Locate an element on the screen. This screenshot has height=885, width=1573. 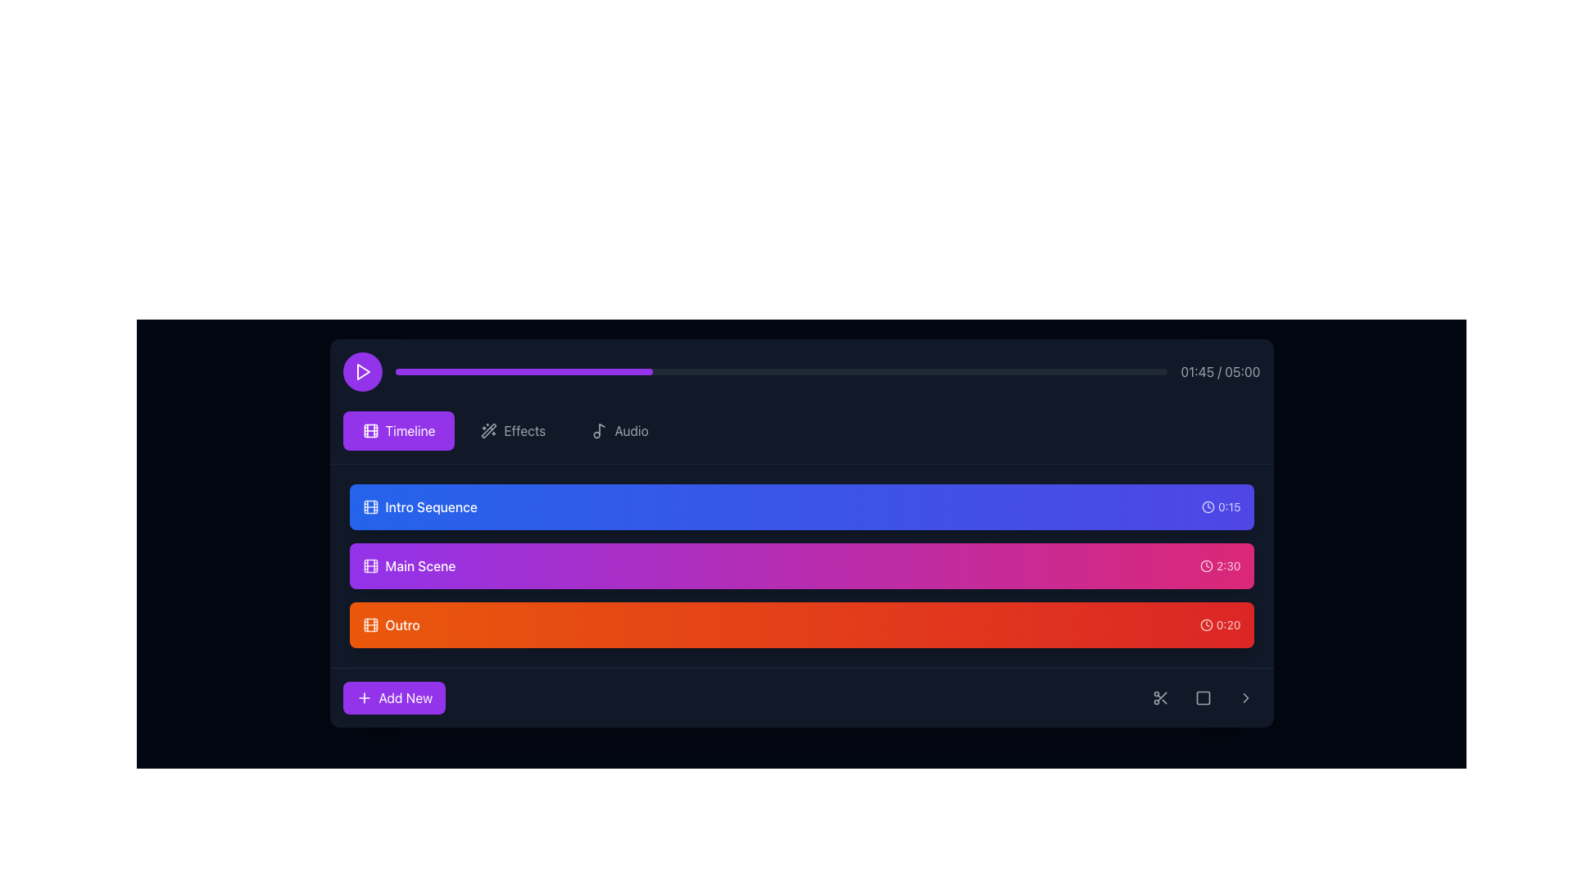
the magical wand icon with sparkles in the top-left corner of the menu panel for accessibility purposes is located at coordinates (488, 429).